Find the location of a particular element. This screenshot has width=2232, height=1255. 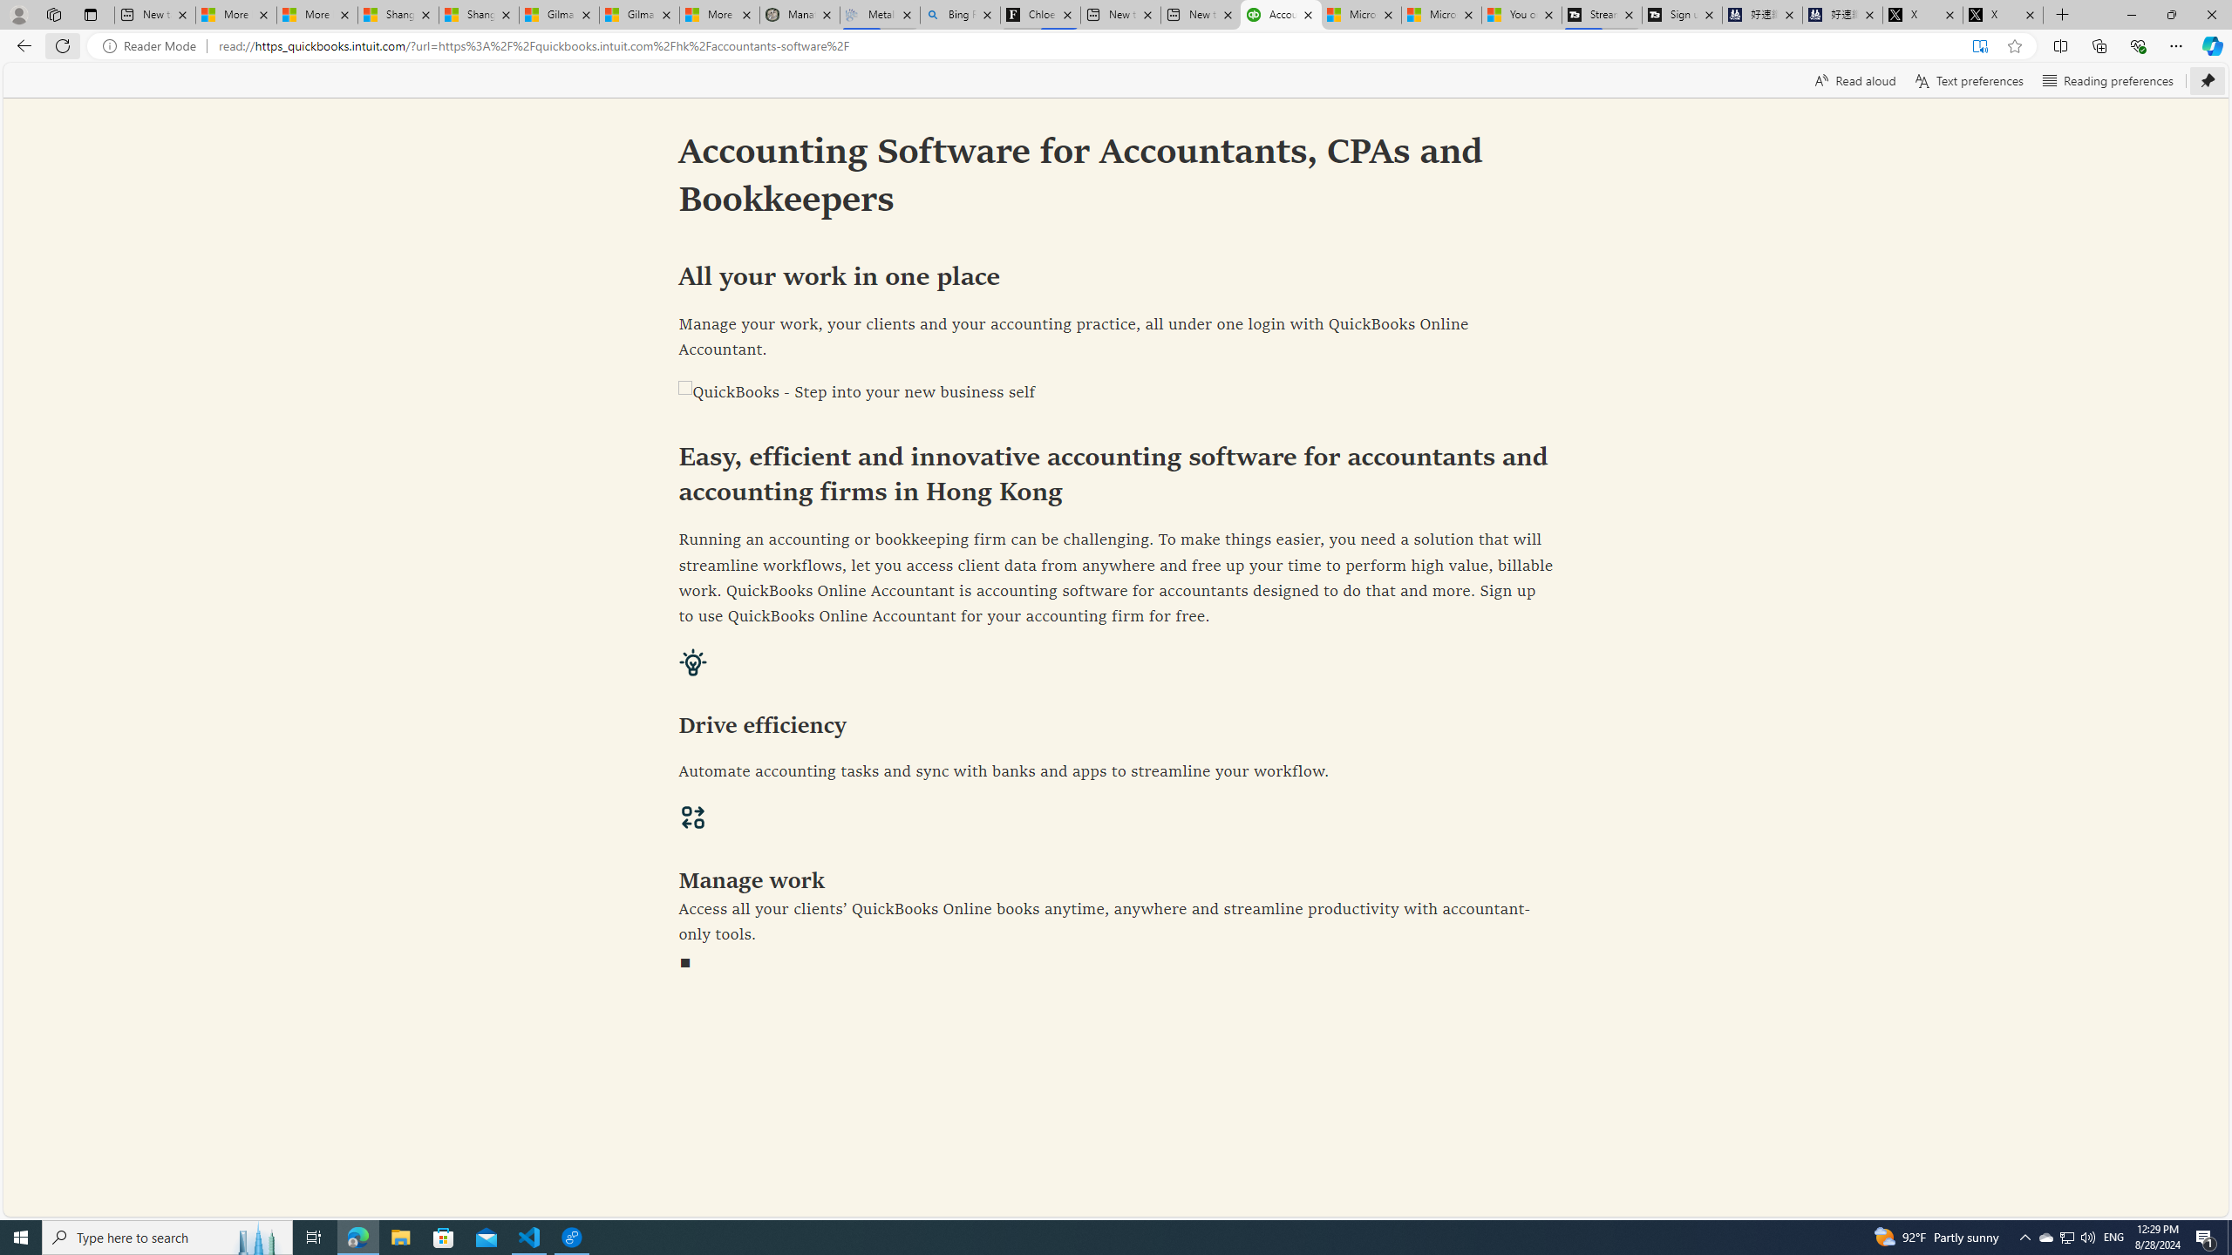

'Exit Immersive Reader (F9)' is located at coordinates (1979, 46).